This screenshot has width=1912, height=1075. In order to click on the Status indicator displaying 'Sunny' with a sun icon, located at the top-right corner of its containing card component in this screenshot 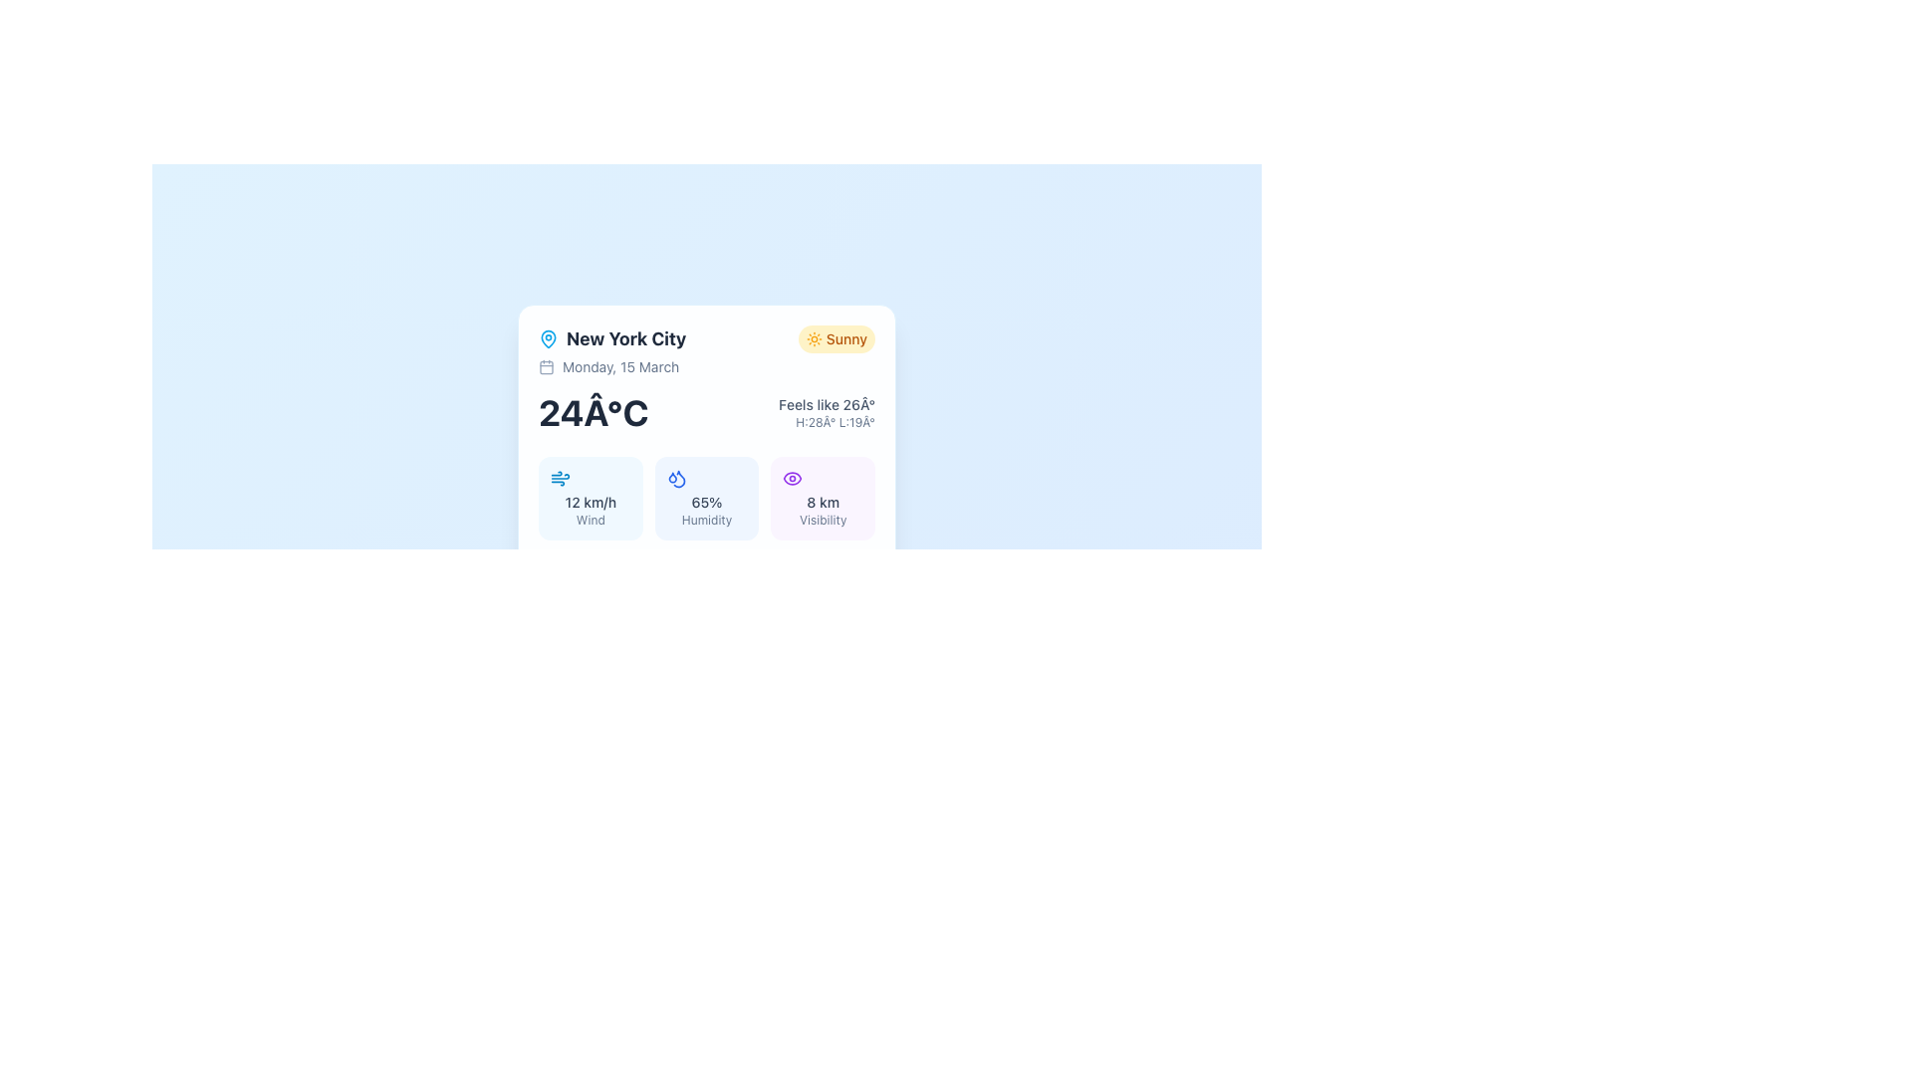, I will do `click(836, 337)`.